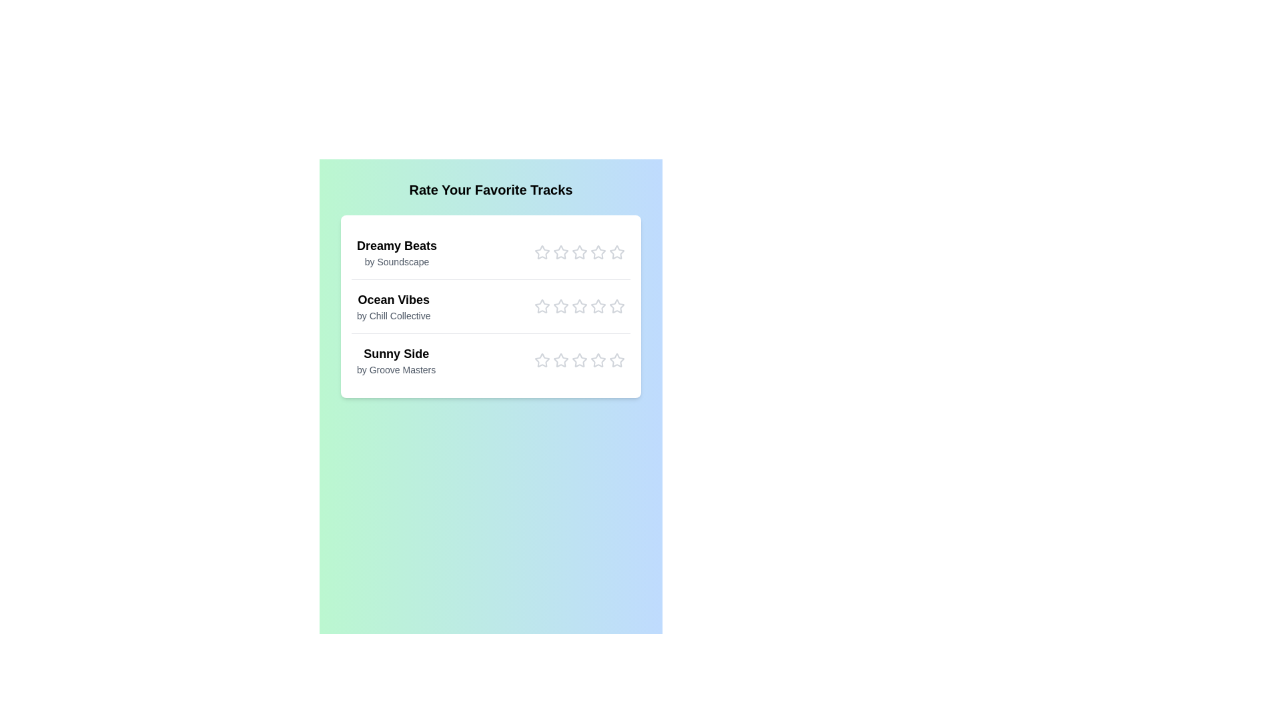 This screenshot has width=1281, height=720. Describe the element at coordinates (396, 353) in the screenshot. I see `the track title Sunny Side to select its text` at that location.